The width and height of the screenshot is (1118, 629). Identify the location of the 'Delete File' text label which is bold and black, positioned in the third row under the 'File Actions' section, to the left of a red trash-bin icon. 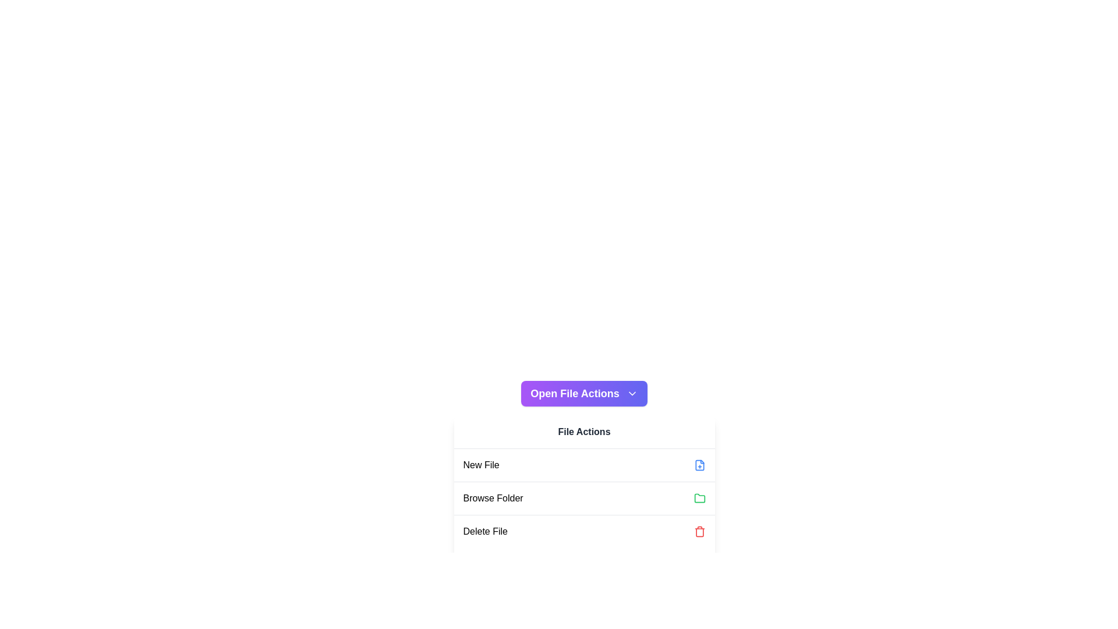
(485, 532).